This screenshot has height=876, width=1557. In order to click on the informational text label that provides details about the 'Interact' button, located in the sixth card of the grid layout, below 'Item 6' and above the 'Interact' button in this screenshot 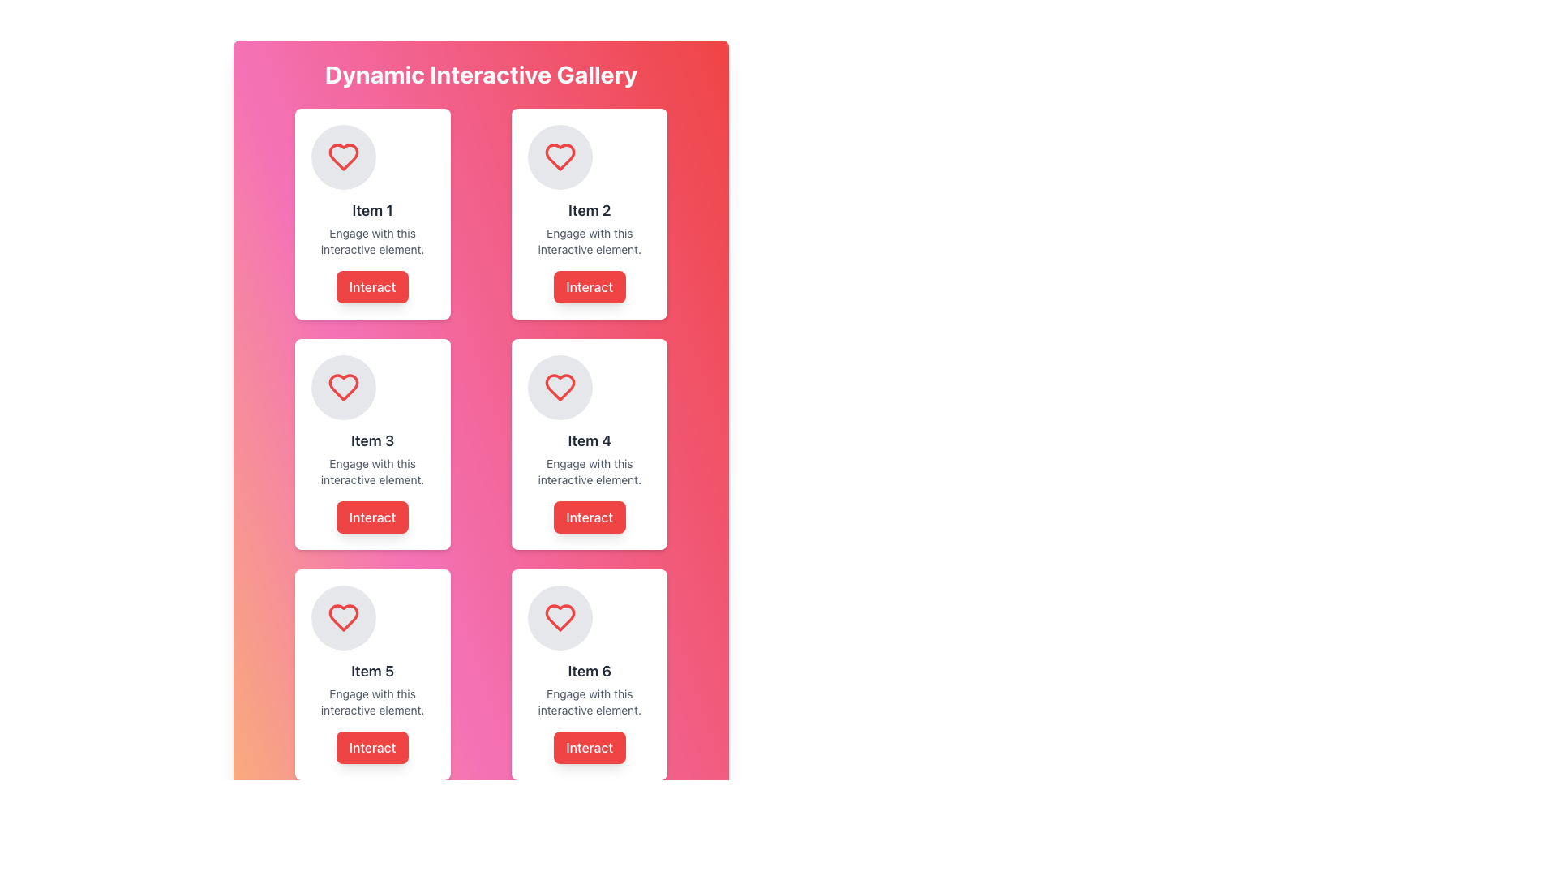, I will do `click(589, 702)`.